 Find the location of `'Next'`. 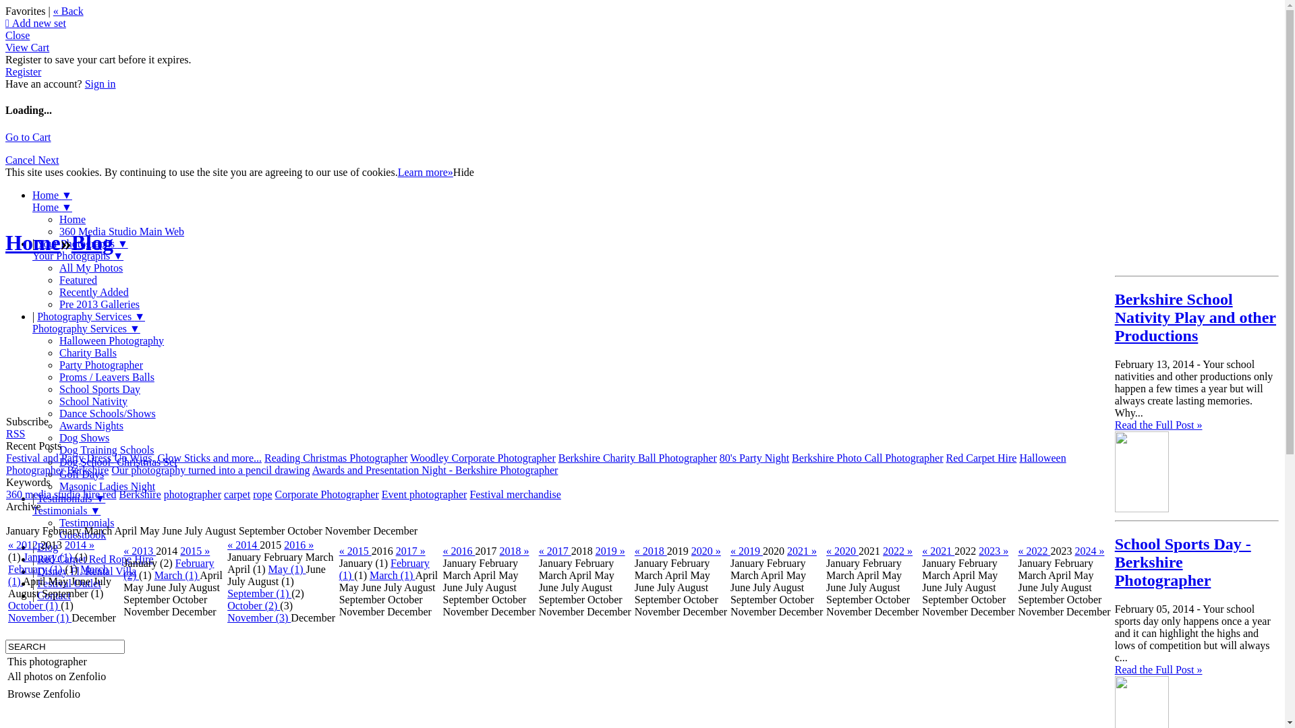

'Next' is located at coordinates (48, 159).